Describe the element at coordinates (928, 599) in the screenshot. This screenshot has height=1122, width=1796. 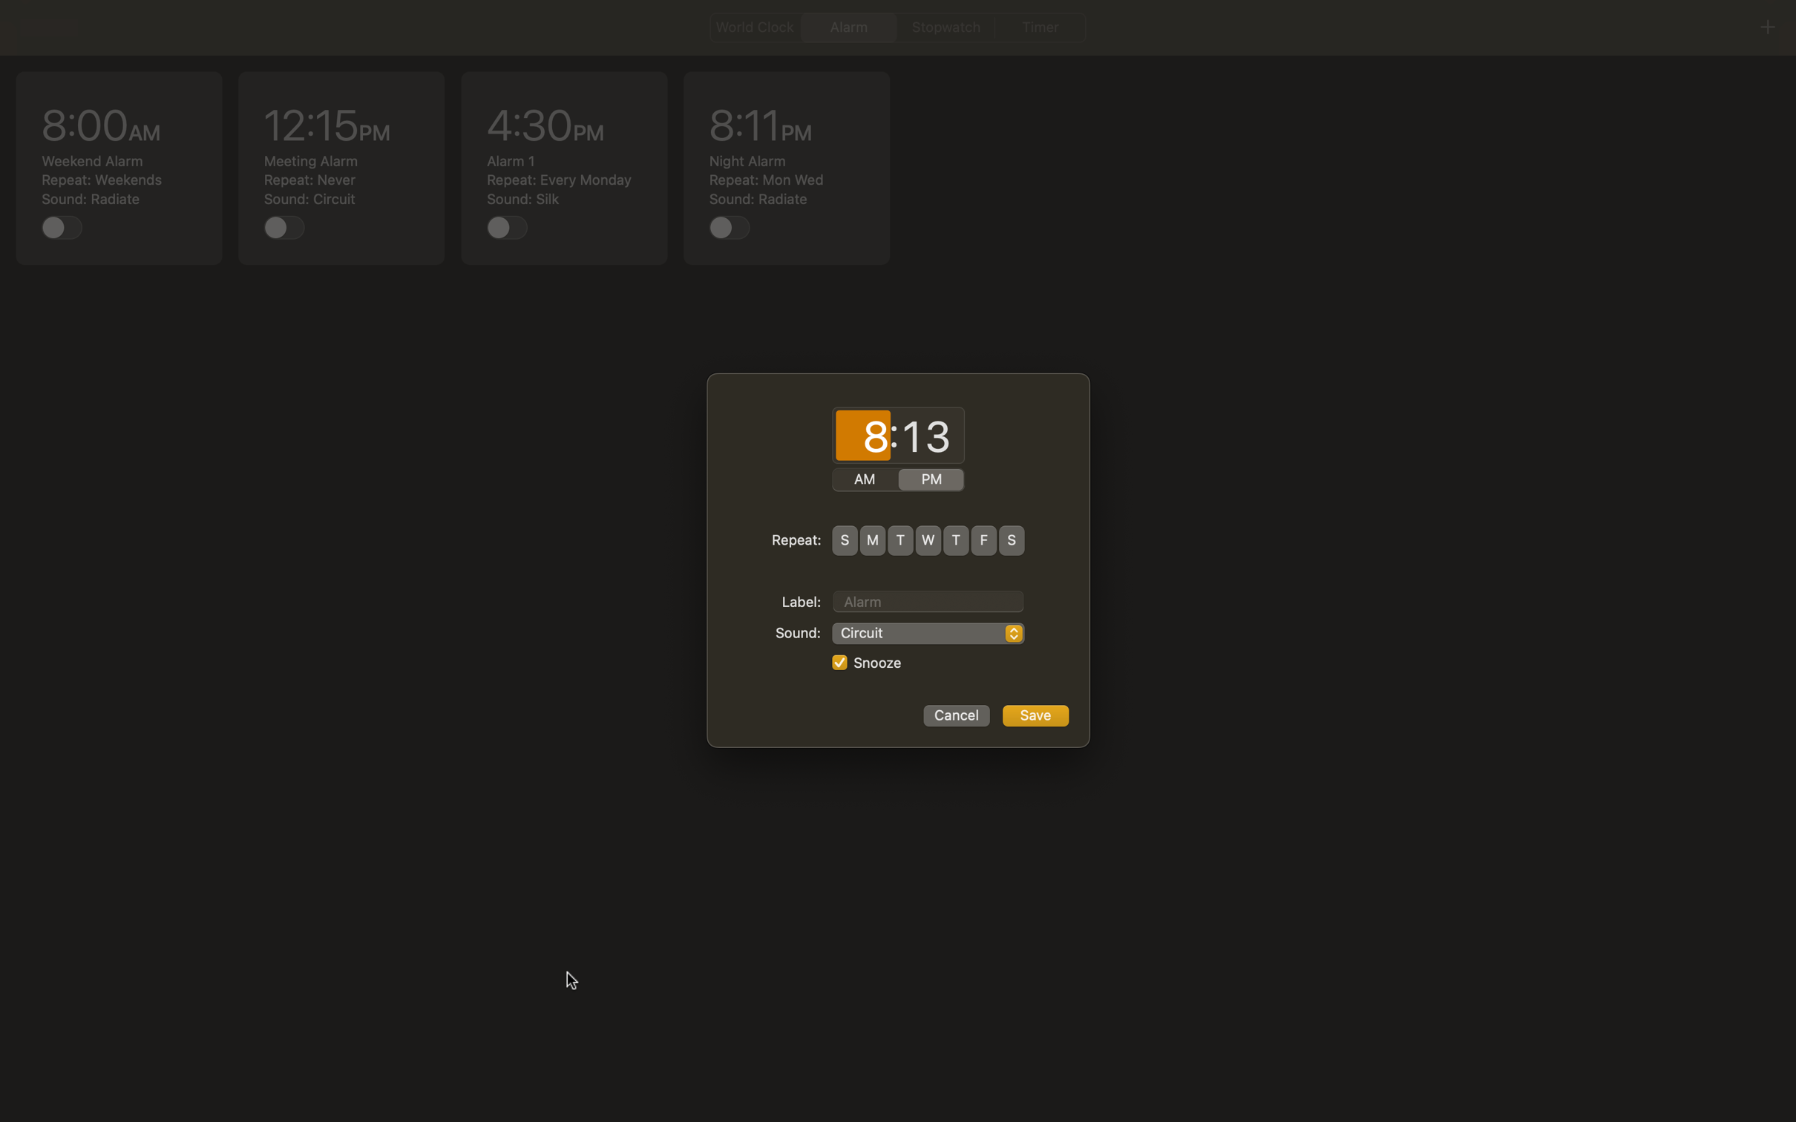
I see `Assign the alarm with the title "Lazy Day` at that location.